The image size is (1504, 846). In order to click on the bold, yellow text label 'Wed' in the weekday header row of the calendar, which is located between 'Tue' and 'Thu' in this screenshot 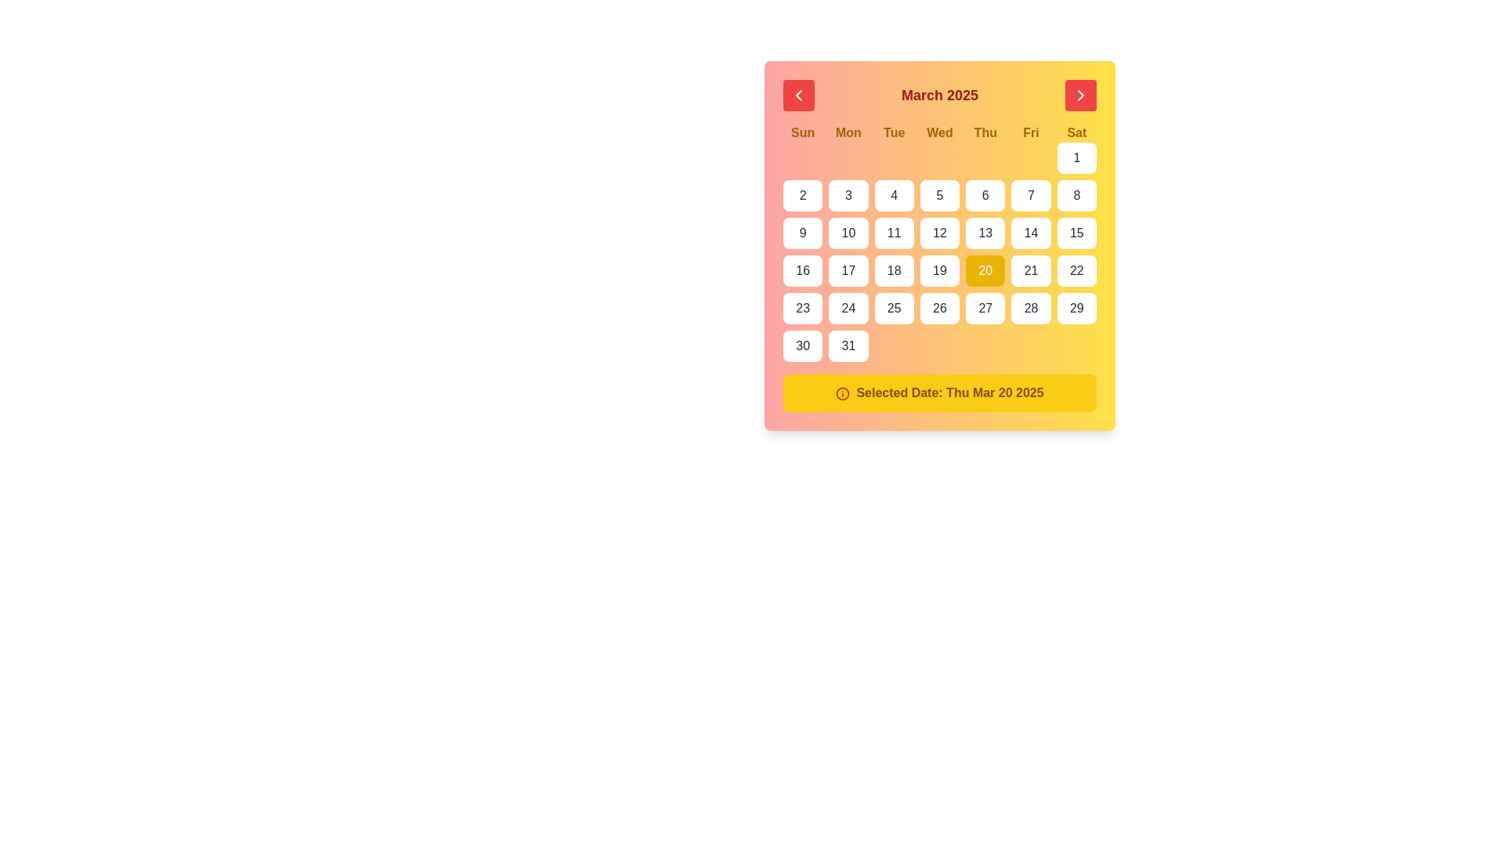, I will do `click(940, 132)`.